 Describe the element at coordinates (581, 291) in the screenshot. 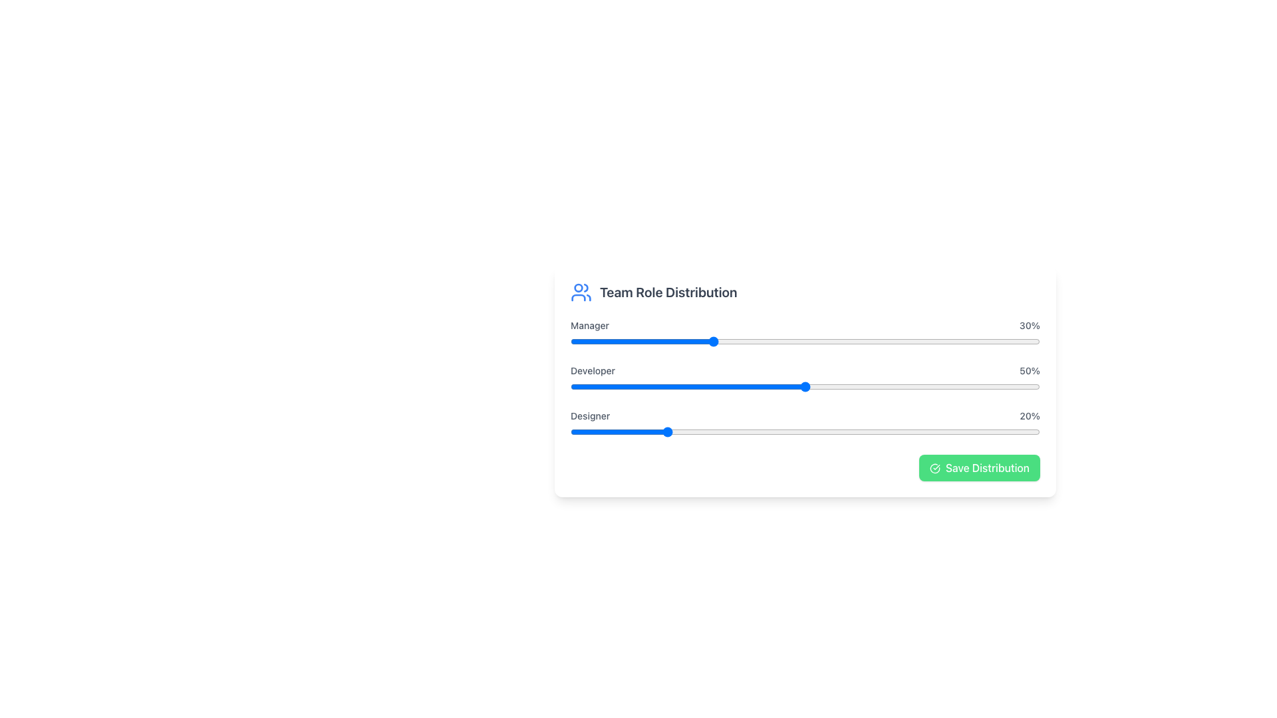

I see `the icon depicting a group of people, which is located to the left of the 'Team Role Distribution' text at the top left of the card` at that location.